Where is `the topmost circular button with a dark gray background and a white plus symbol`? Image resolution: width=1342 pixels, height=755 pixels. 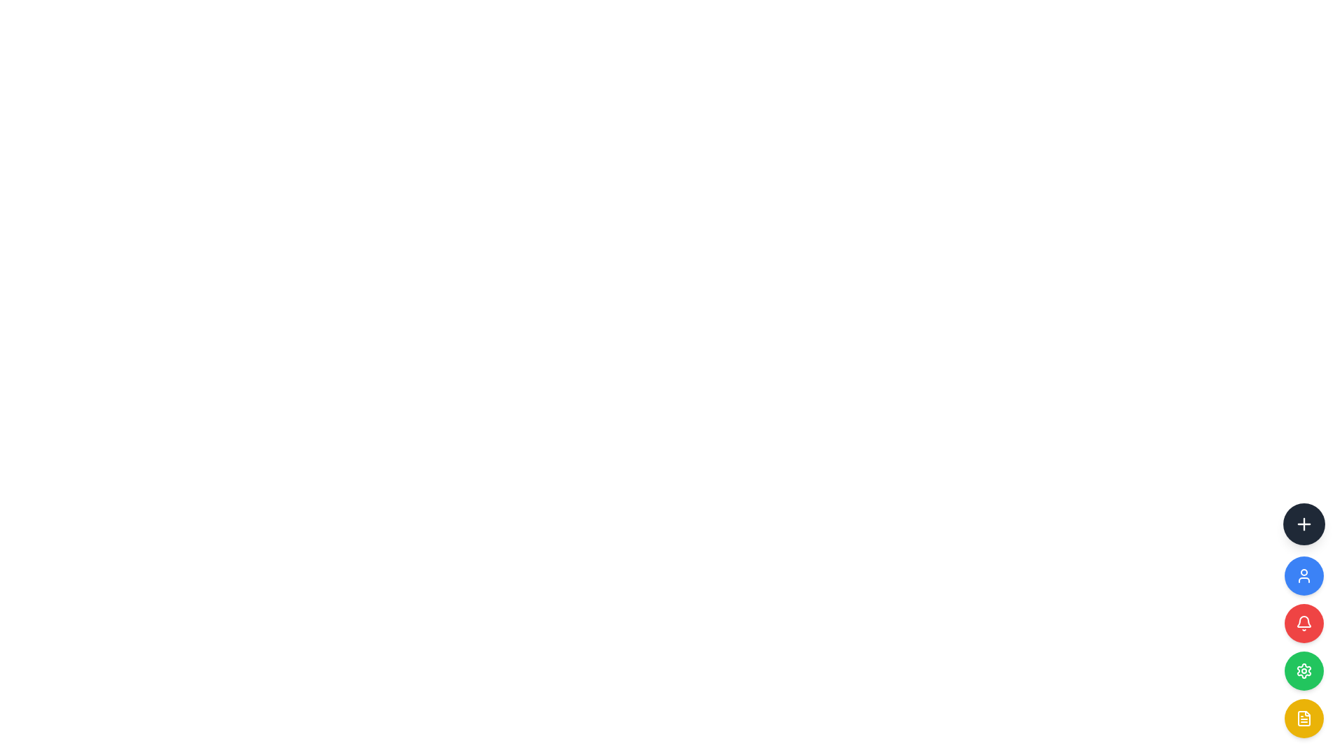 the topmost circular button with a dark gray background and a white plus symbol is located at coordinates (1304, 524).